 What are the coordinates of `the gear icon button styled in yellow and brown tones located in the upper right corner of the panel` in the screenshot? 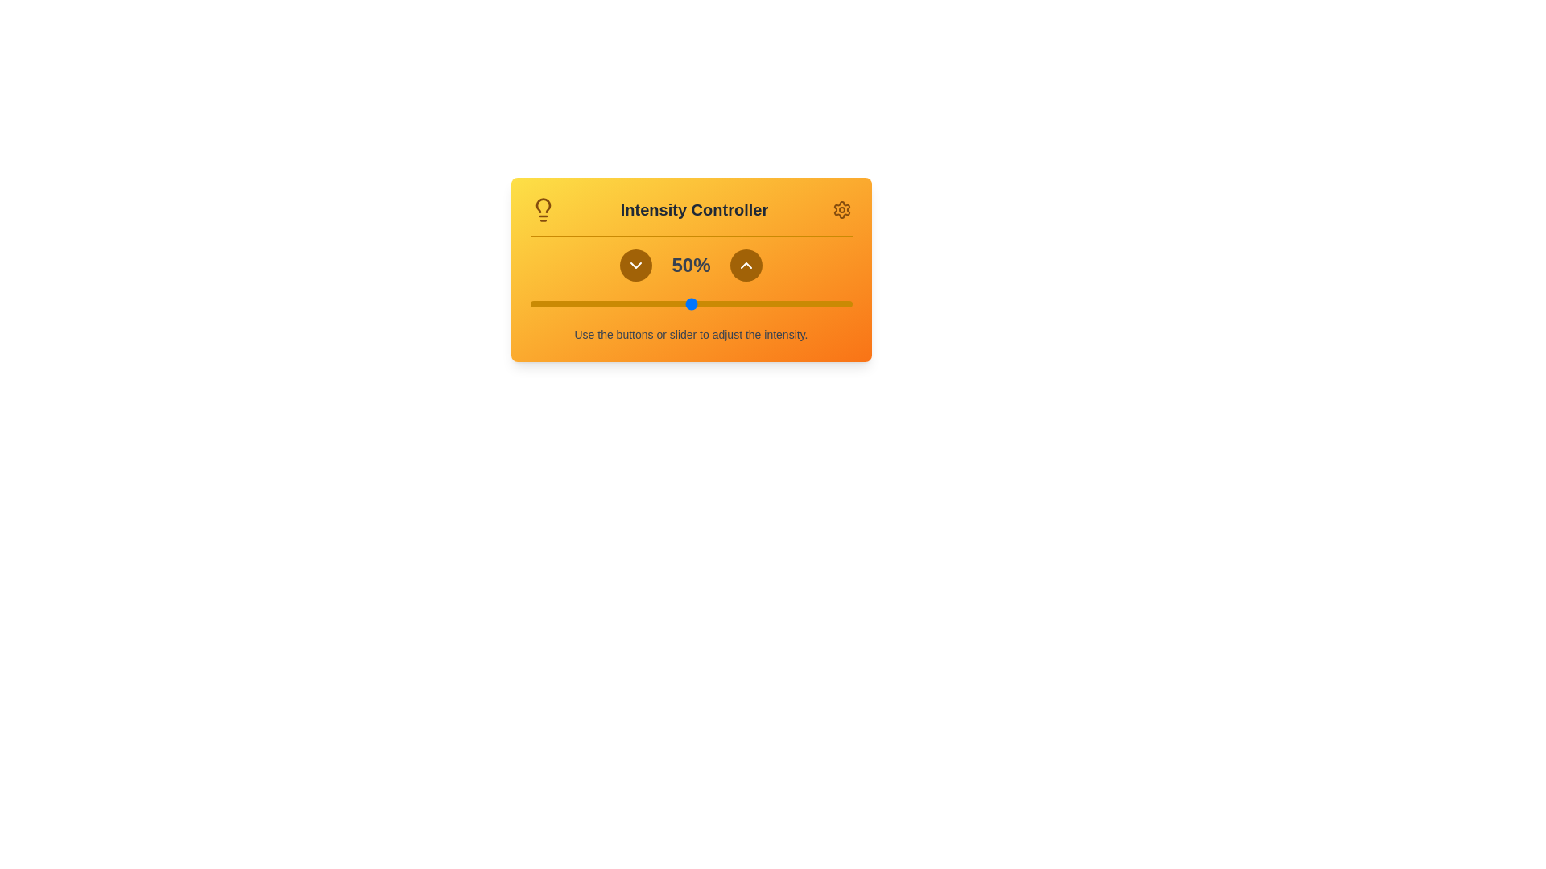 It's located at (841, 209).